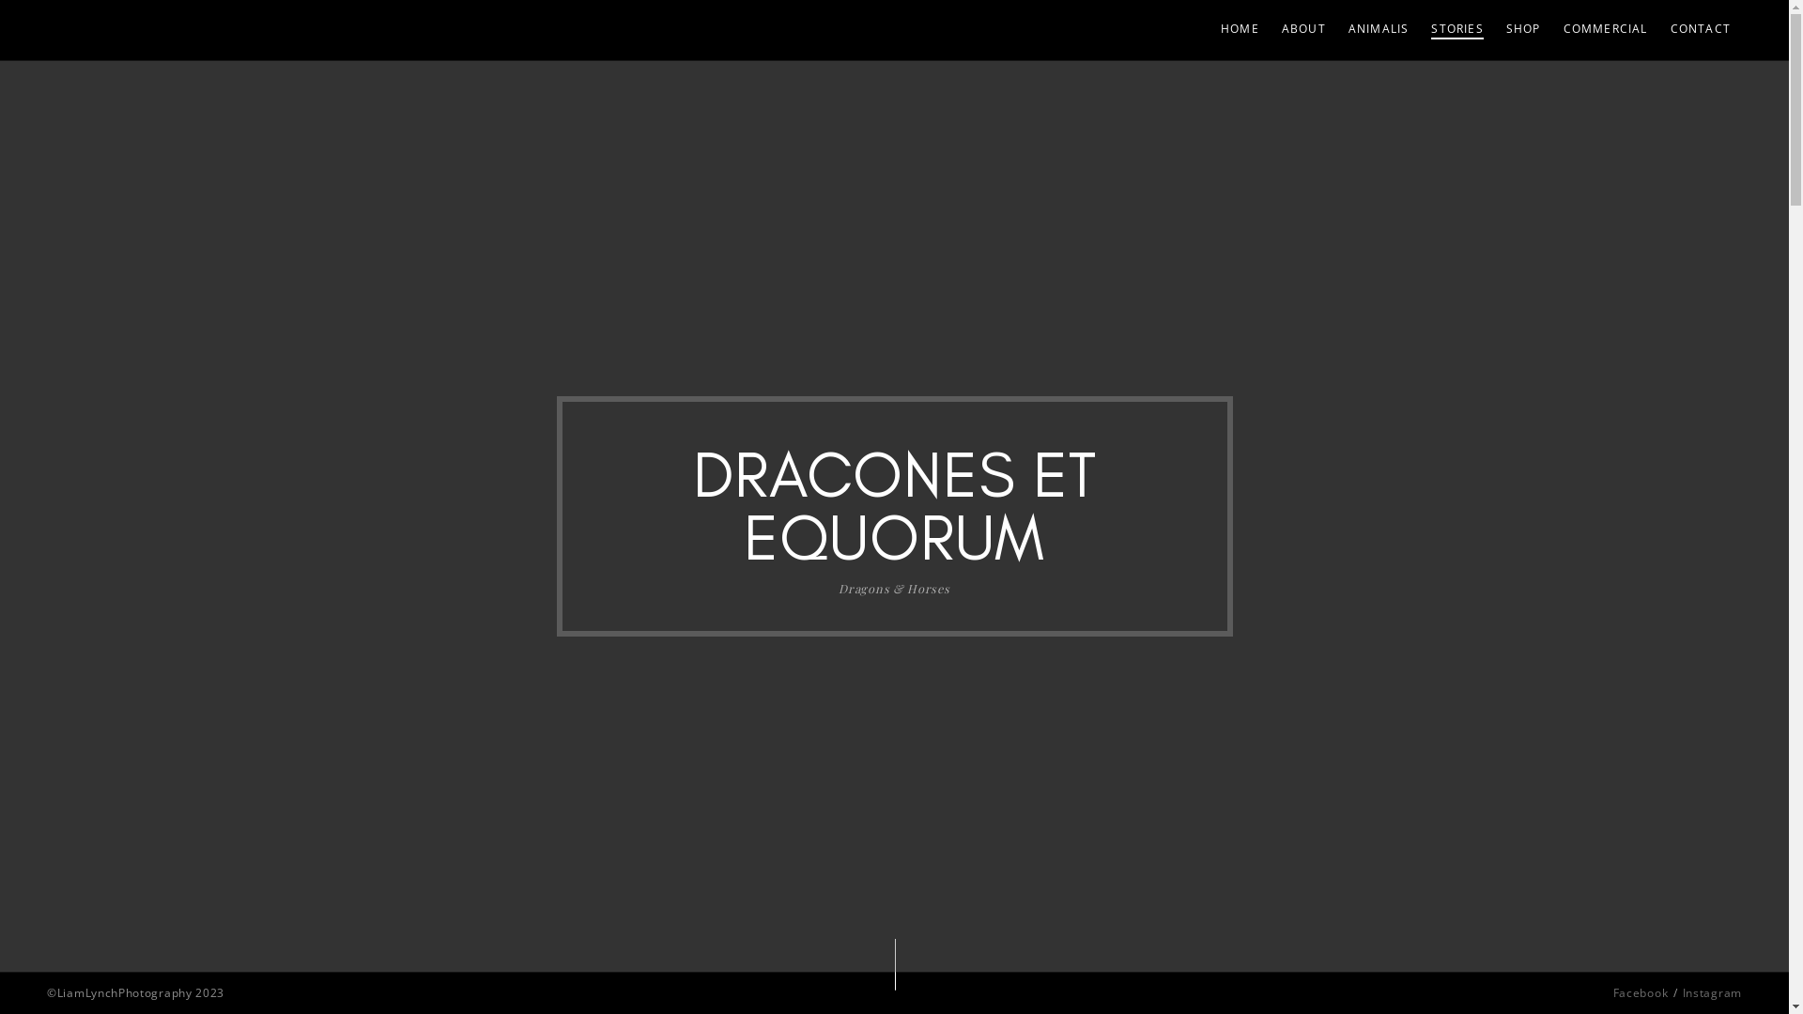 Image resolution: width=1803 pixels, height=1014 pixels. I want to click on 'CONTACT', so click(1700, 29).